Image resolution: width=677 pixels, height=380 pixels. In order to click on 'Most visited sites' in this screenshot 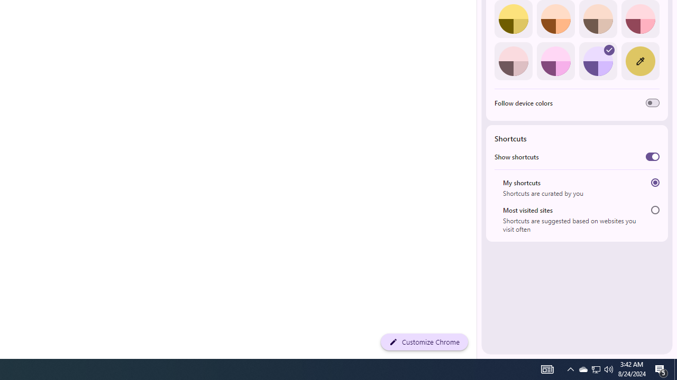, I will do `click(655, 210)`.